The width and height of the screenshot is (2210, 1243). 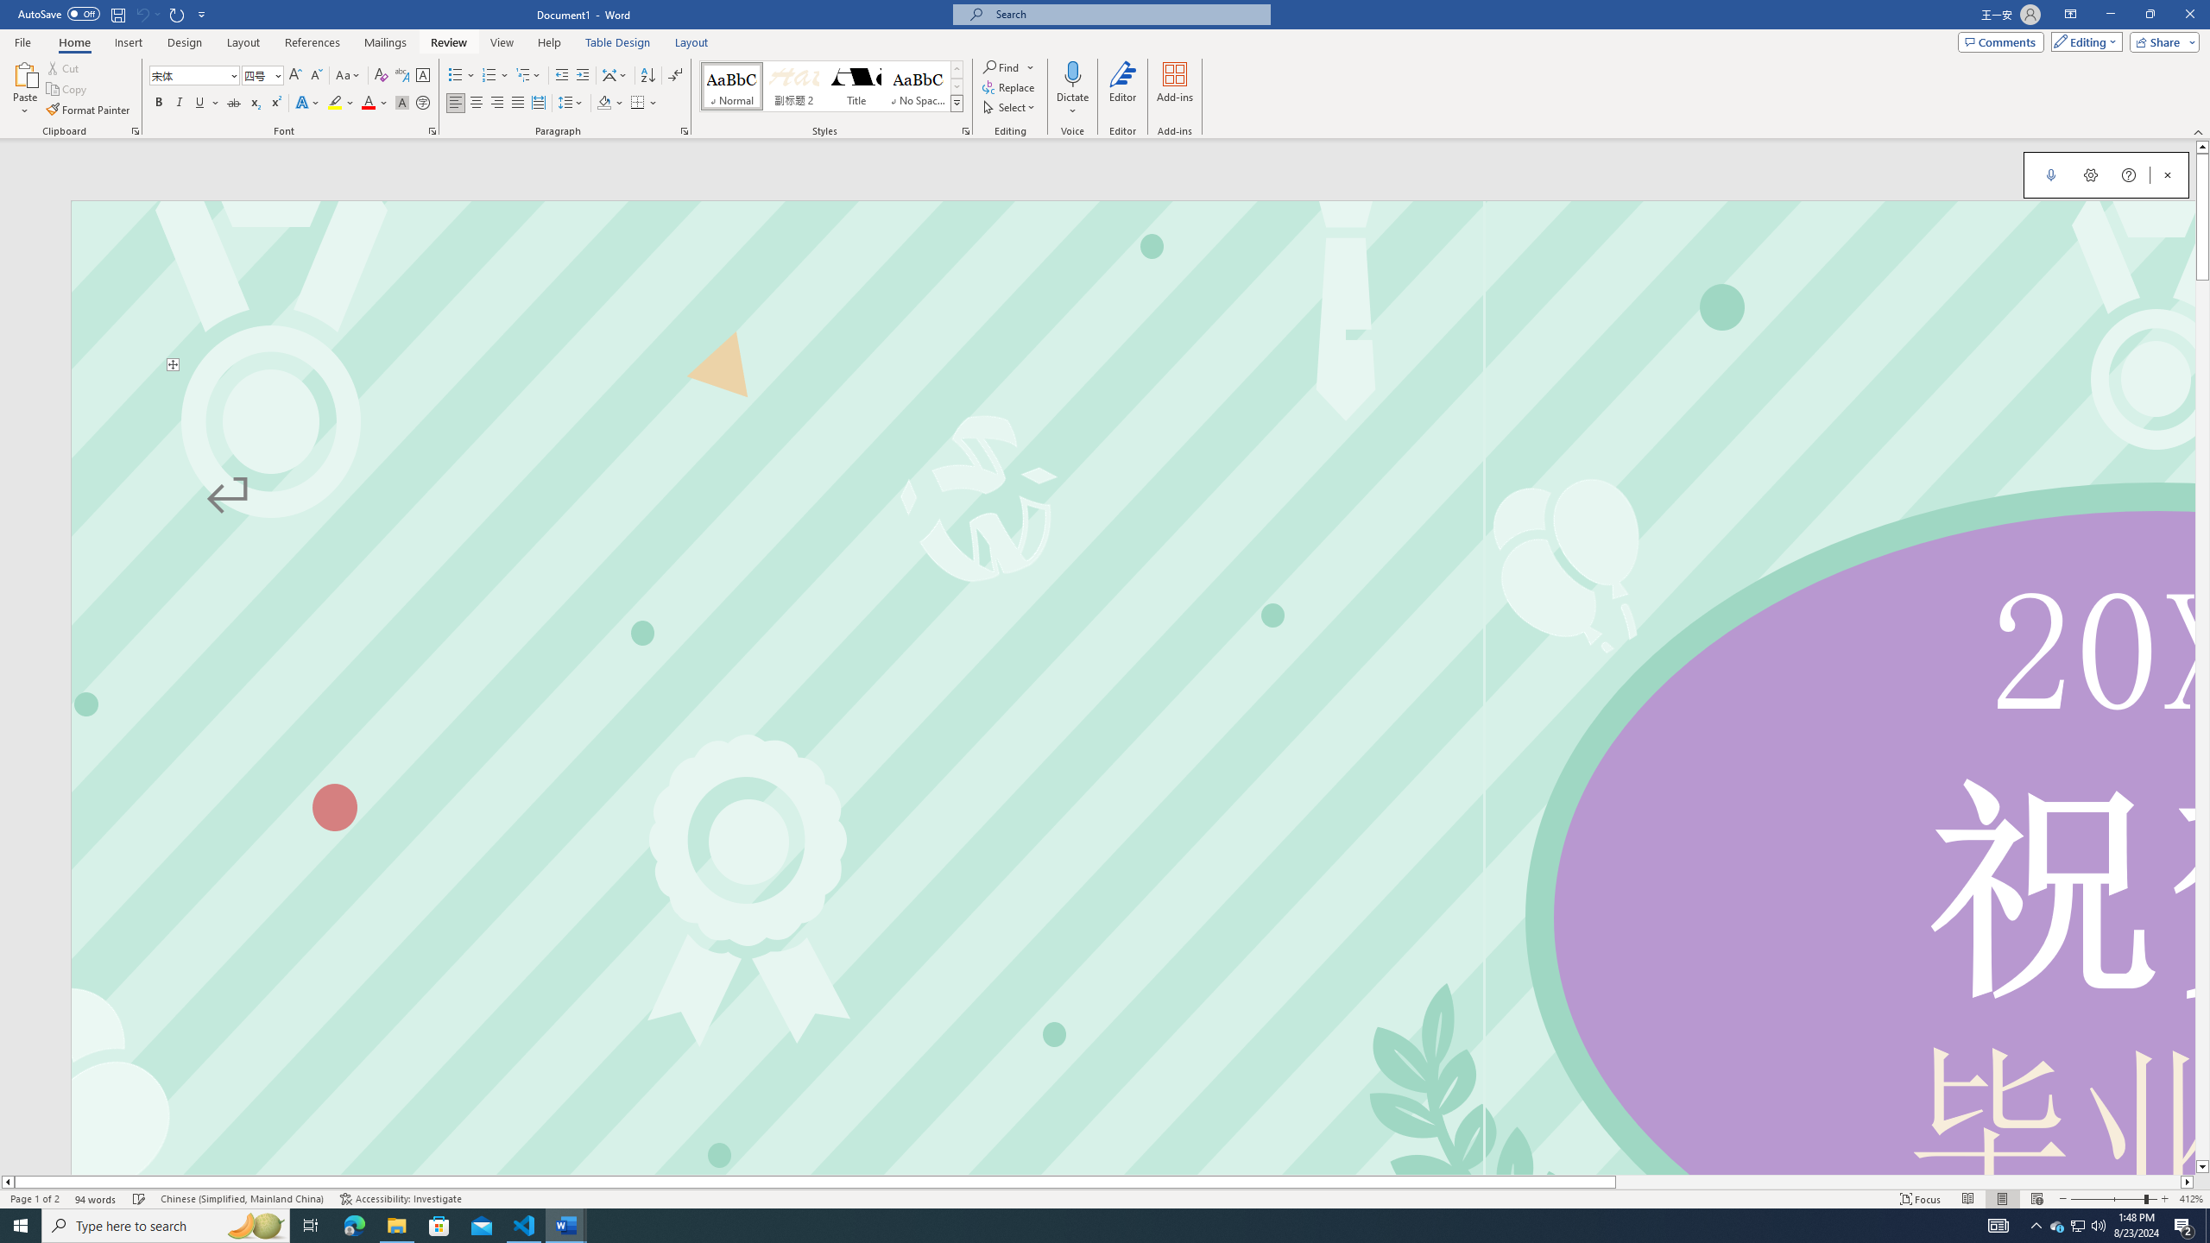 I want to click on 'Font Color', so click(x=373, y=102).